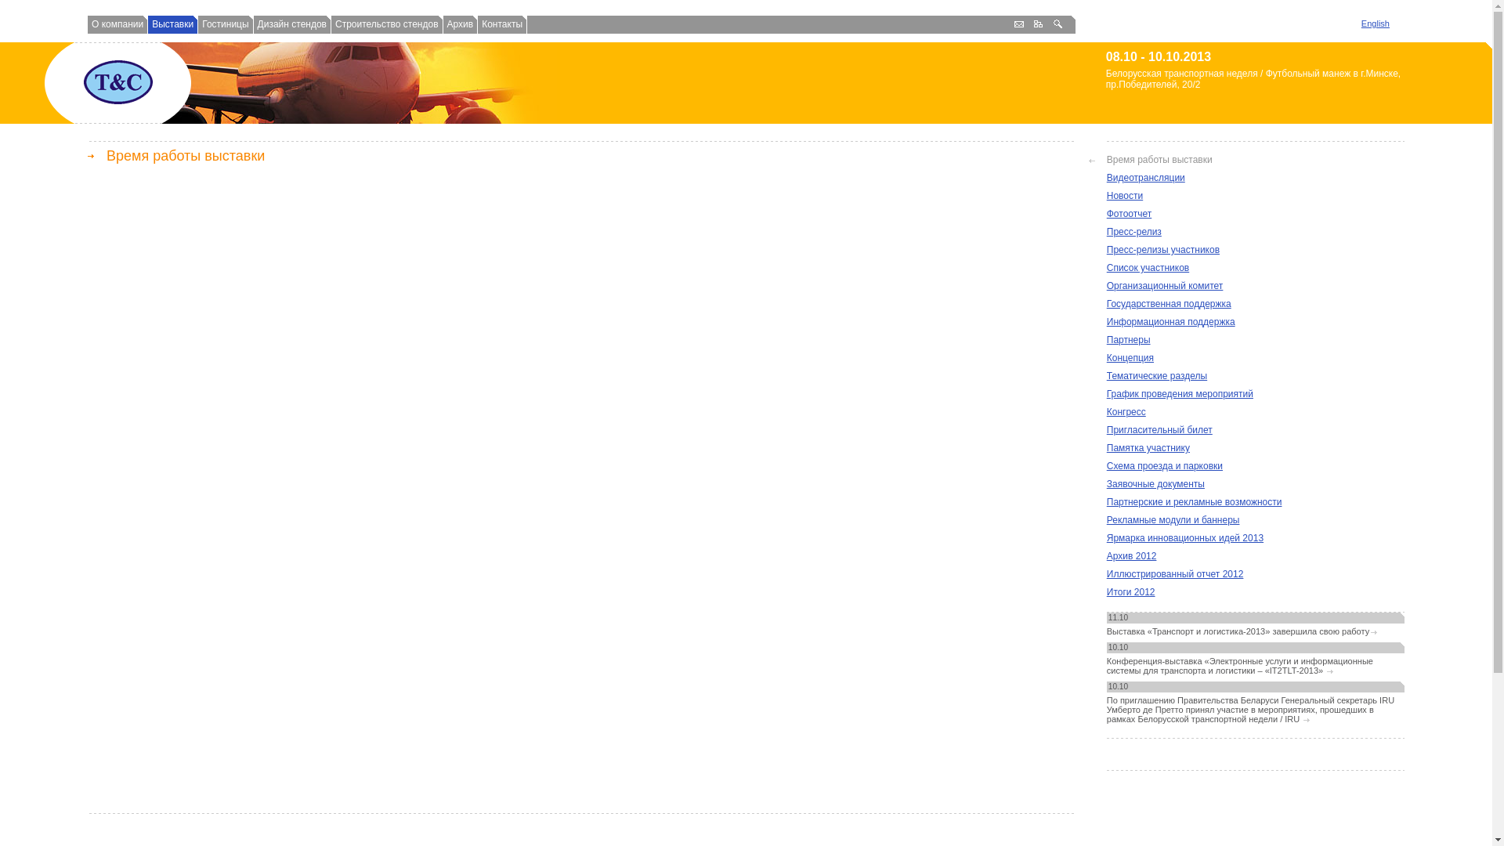 The height and width of the screenshot is (846, 1504). What do you see at coordinates (1375, 23) in the screenshot?
I see `'English'` at bounding box center [1375, 23].